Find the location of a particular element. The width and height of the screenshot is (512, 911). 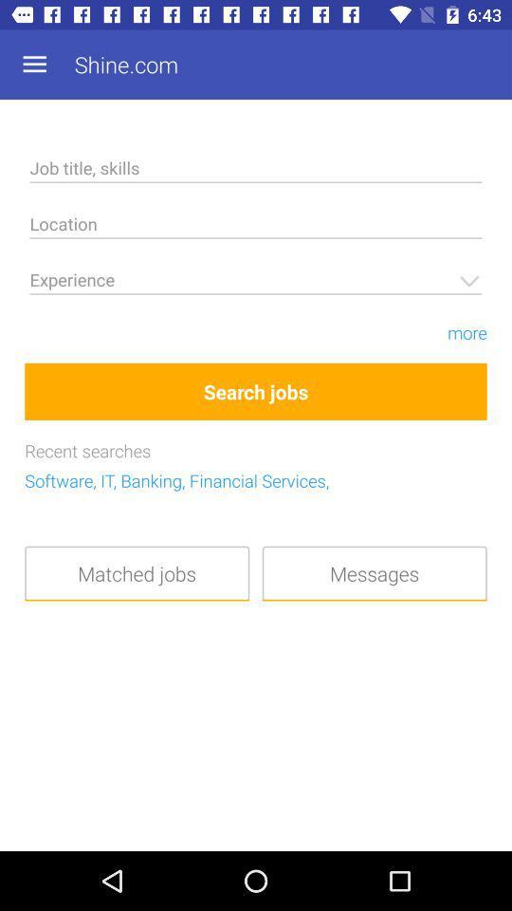

jobs experience is located at coordinates (256, 282).